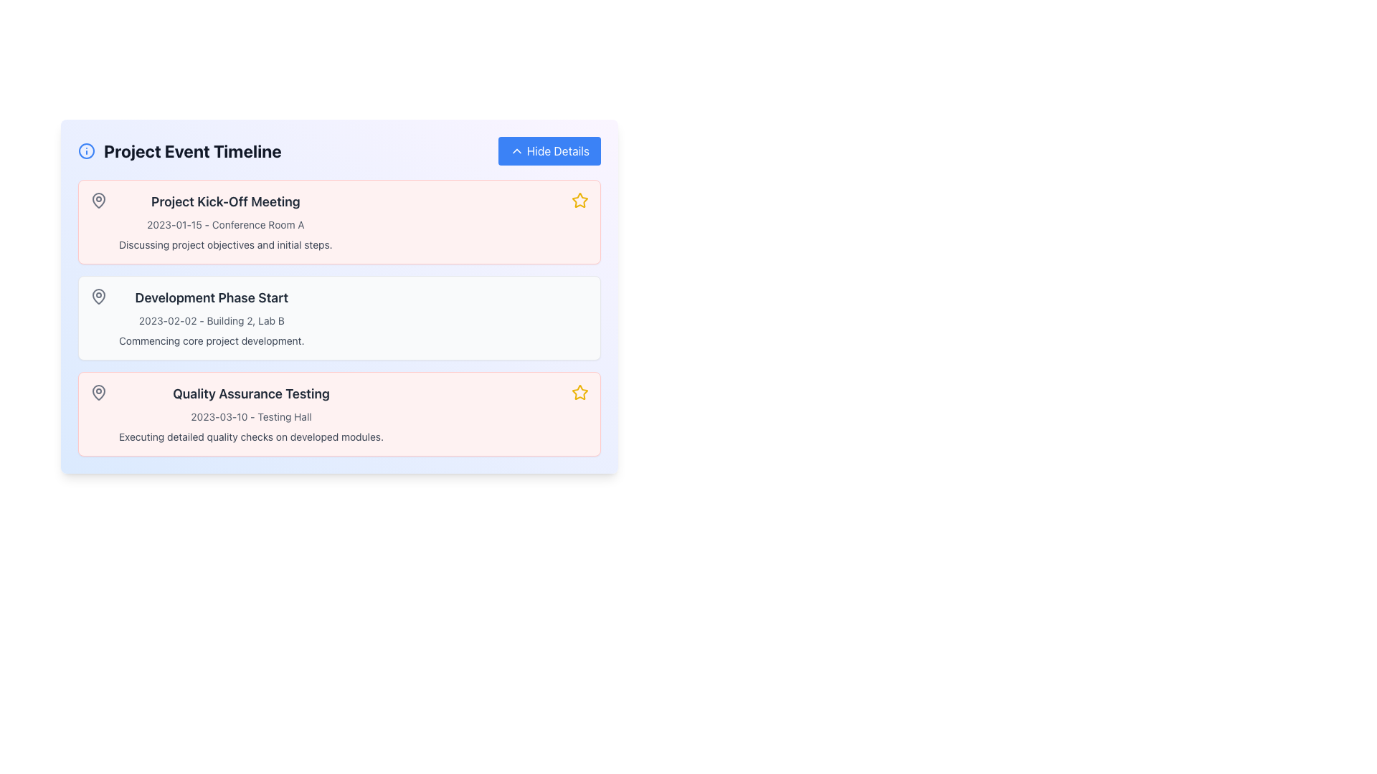  I want to click on prominent title text 'Project Kick-Off Meeting' displayed in a large, bold font at the top of the meeting details section, so click(224, 201).